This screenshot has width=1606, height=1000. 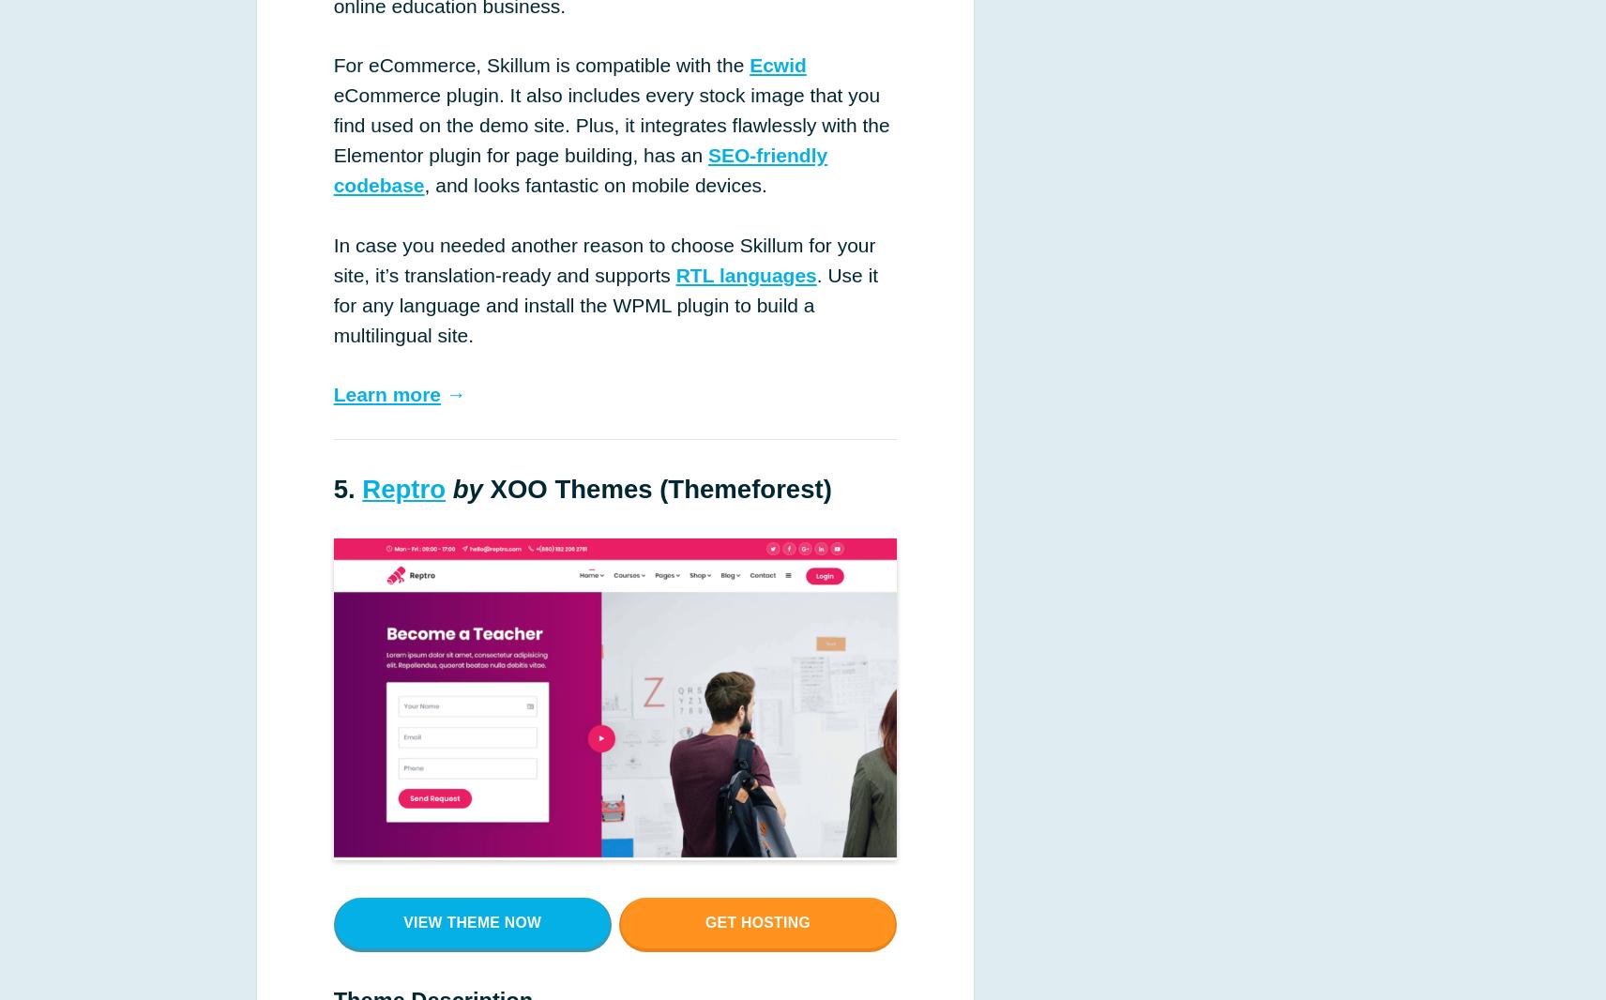 What do you see at coordinates (466, 488) in the screenshot?
I see `'by'` at bounding box center [466, 488].